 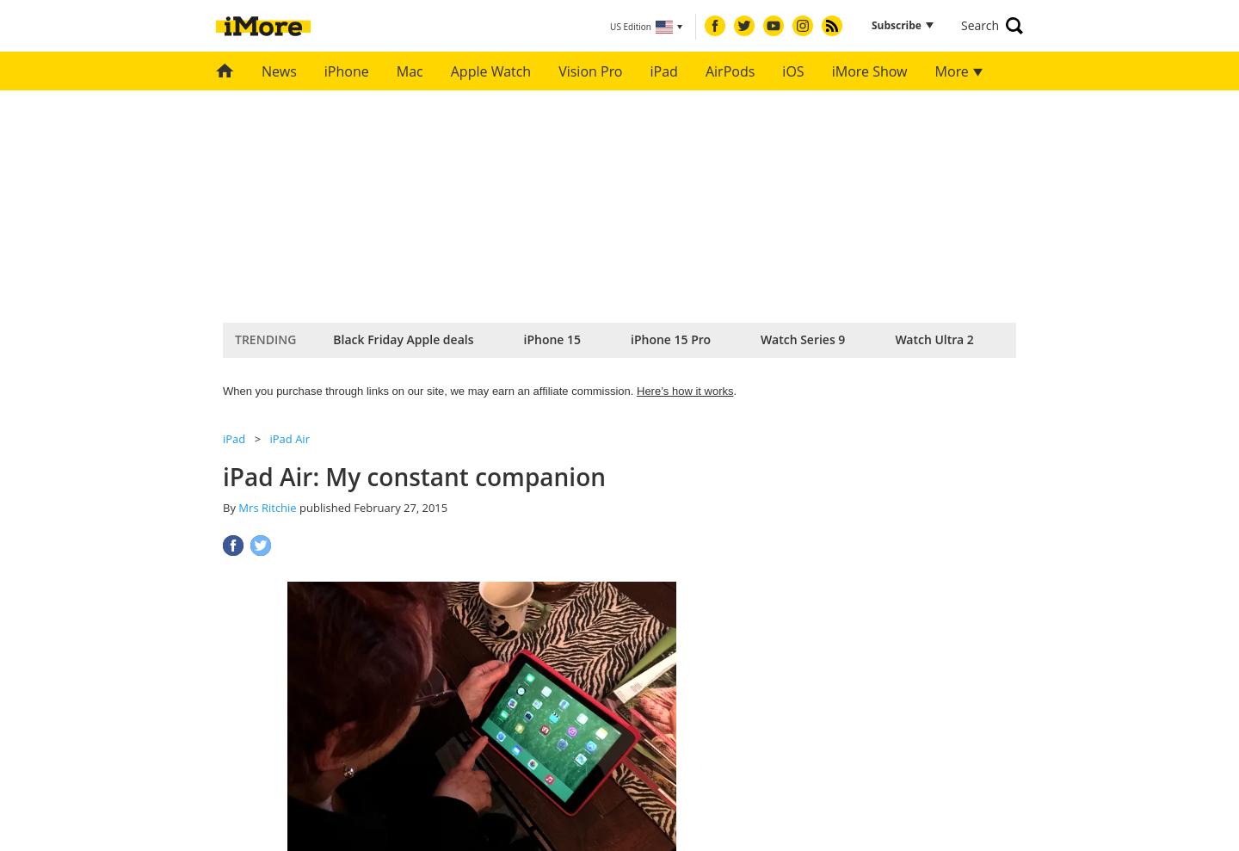 I want to click on 'Apple Watch', so click(x=449, y=71).